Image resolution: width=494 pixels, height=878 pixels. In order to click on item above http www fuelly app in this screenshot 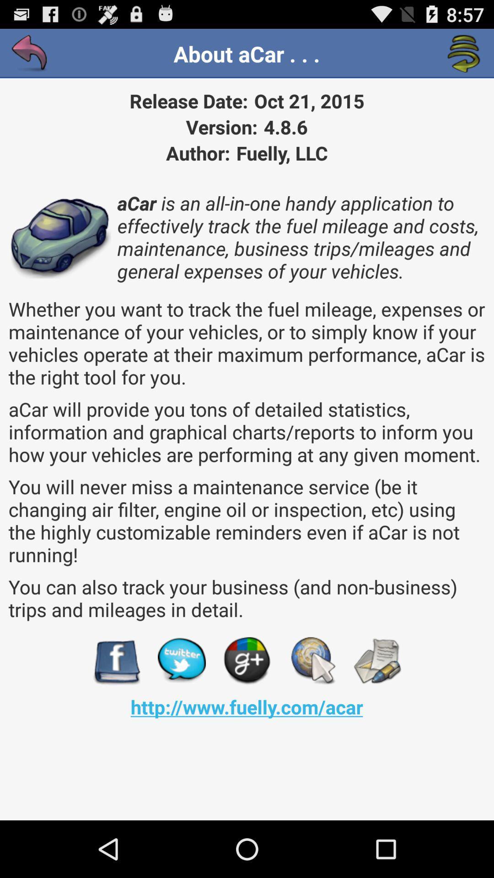, I will do `click(116, 661)`.